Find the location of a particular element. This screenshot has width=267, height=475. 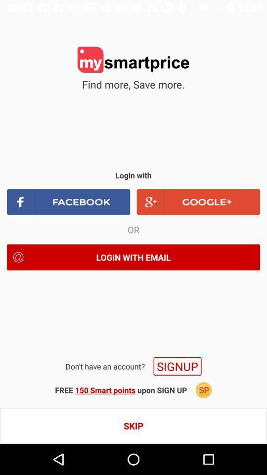

signup item is located at coordinates (177, 366).